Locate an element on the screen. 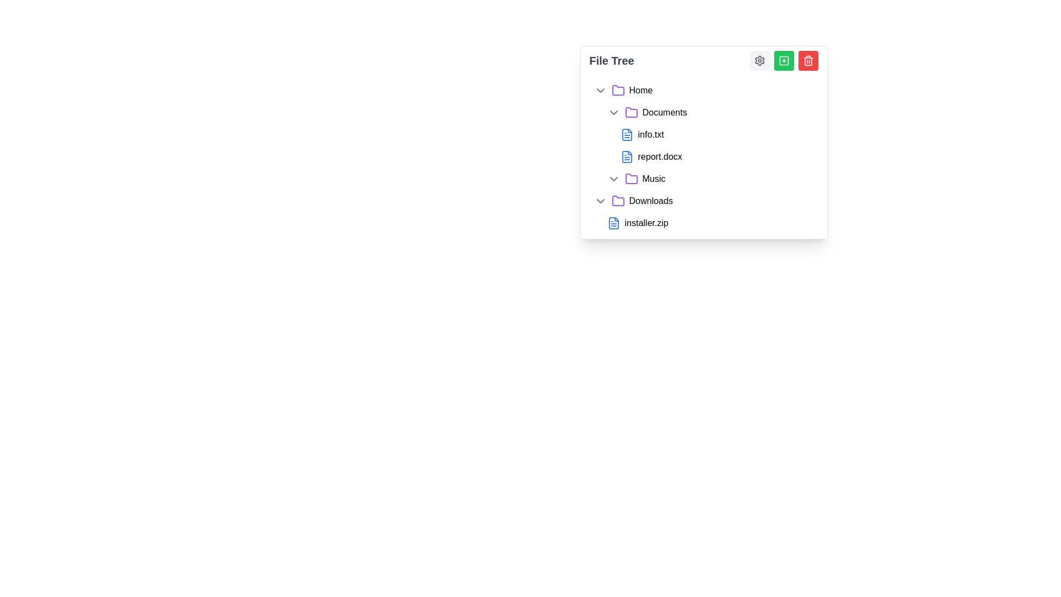 The height and width of the screenshot is (597, 1061). the delete icon located in the top-right section of the interface is located at coordinates (808, 61).